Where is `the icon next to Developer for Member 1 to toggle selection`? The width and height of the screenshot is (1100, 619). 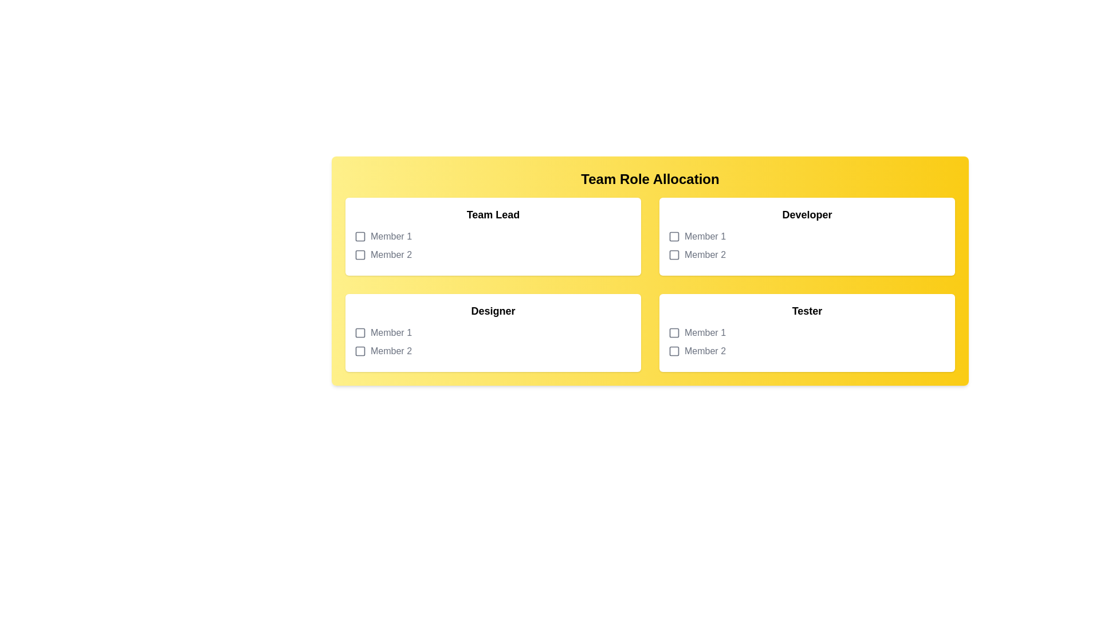
the icon next to Developer for Member 1 to toggle selection is located at coordinates (674, 236).